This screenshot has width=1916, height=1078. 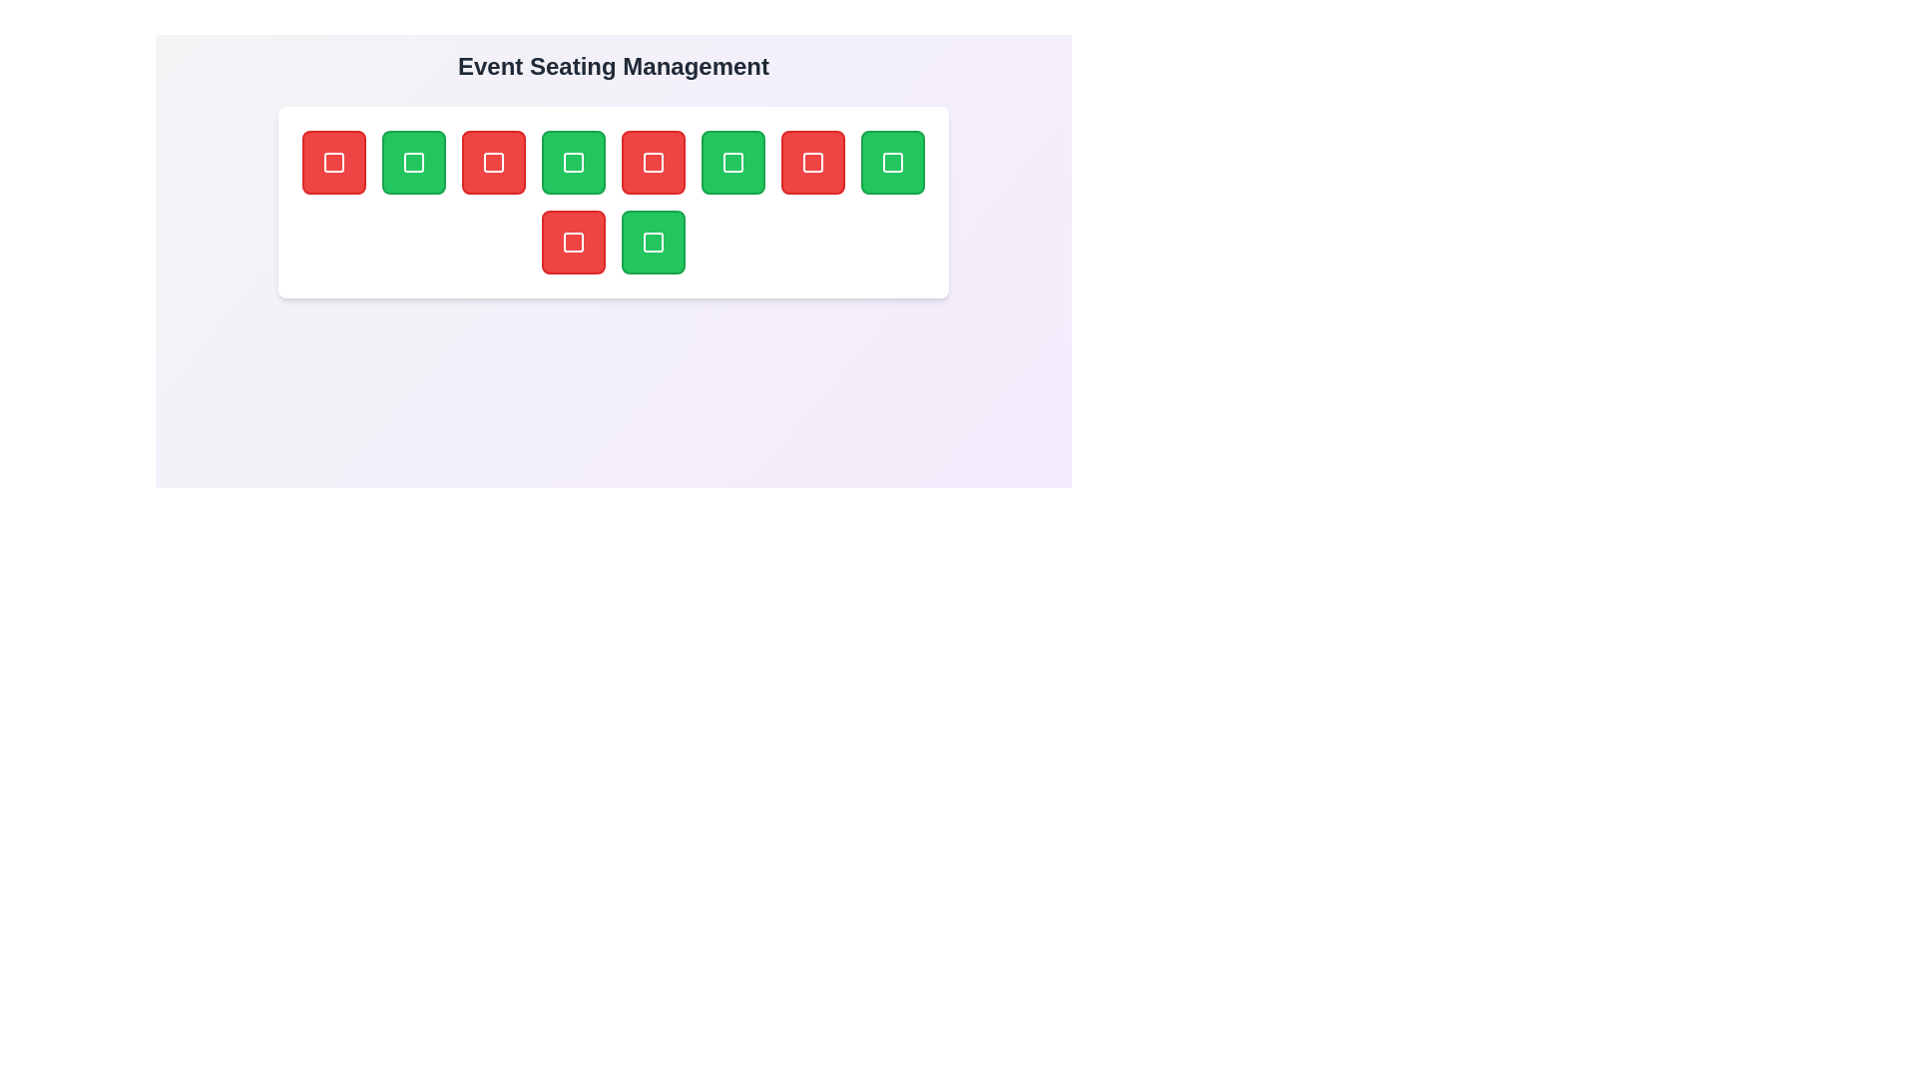 I want to click on the green square button with a white square-shaped icon in its center, located in the first row and sixth column of the seating grid, so click(x=731, y=161).